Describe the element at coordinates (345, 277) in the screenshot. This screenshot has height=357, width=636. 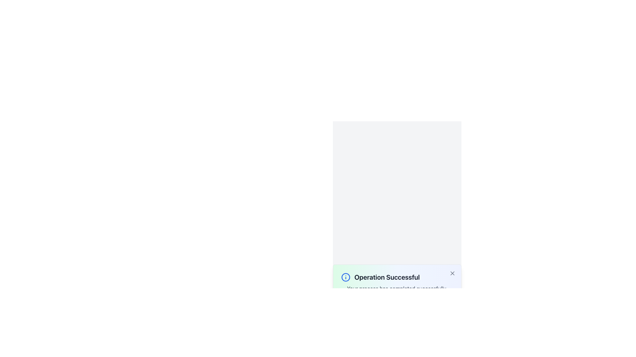
I see `the circular outline of the information icon located at the bottom-left corner of the notification box displaying 'Operation Successful'` at that location.